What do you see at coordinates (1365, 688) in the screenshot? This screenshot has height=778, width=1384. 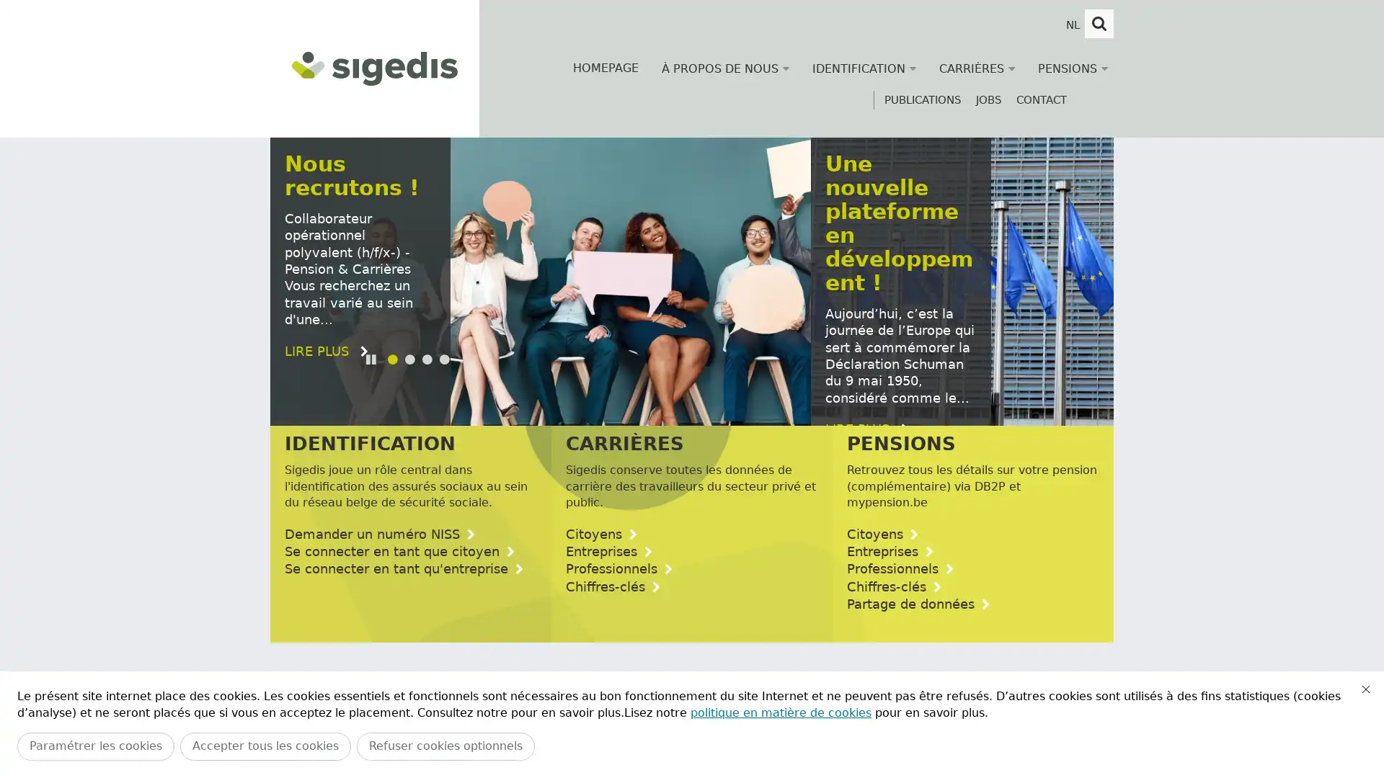 I see `Fermer` at bounding box center [1365, 688].